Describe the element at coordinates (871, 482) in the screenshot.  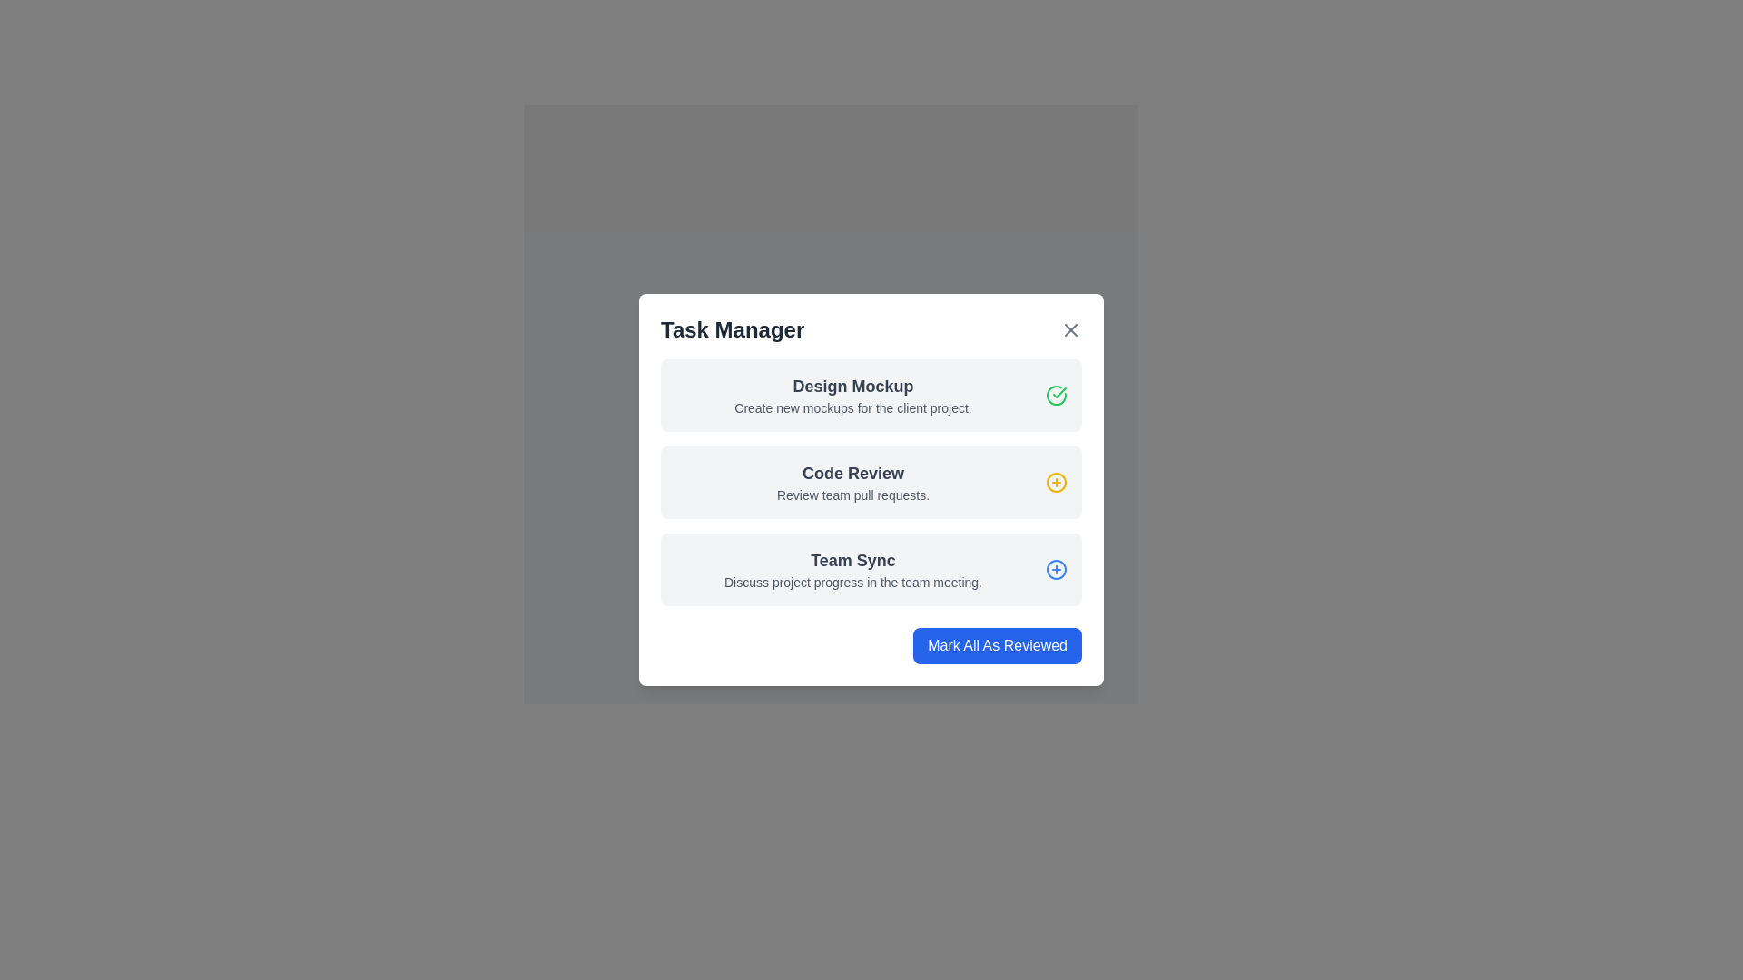
I see `the second task card in the task manager modal, which has a light gray background, rounded corners, a bold title 'Code Review', a description 'Review team pull requests.', and a yellow circular icon with a plus symbol` at that location.